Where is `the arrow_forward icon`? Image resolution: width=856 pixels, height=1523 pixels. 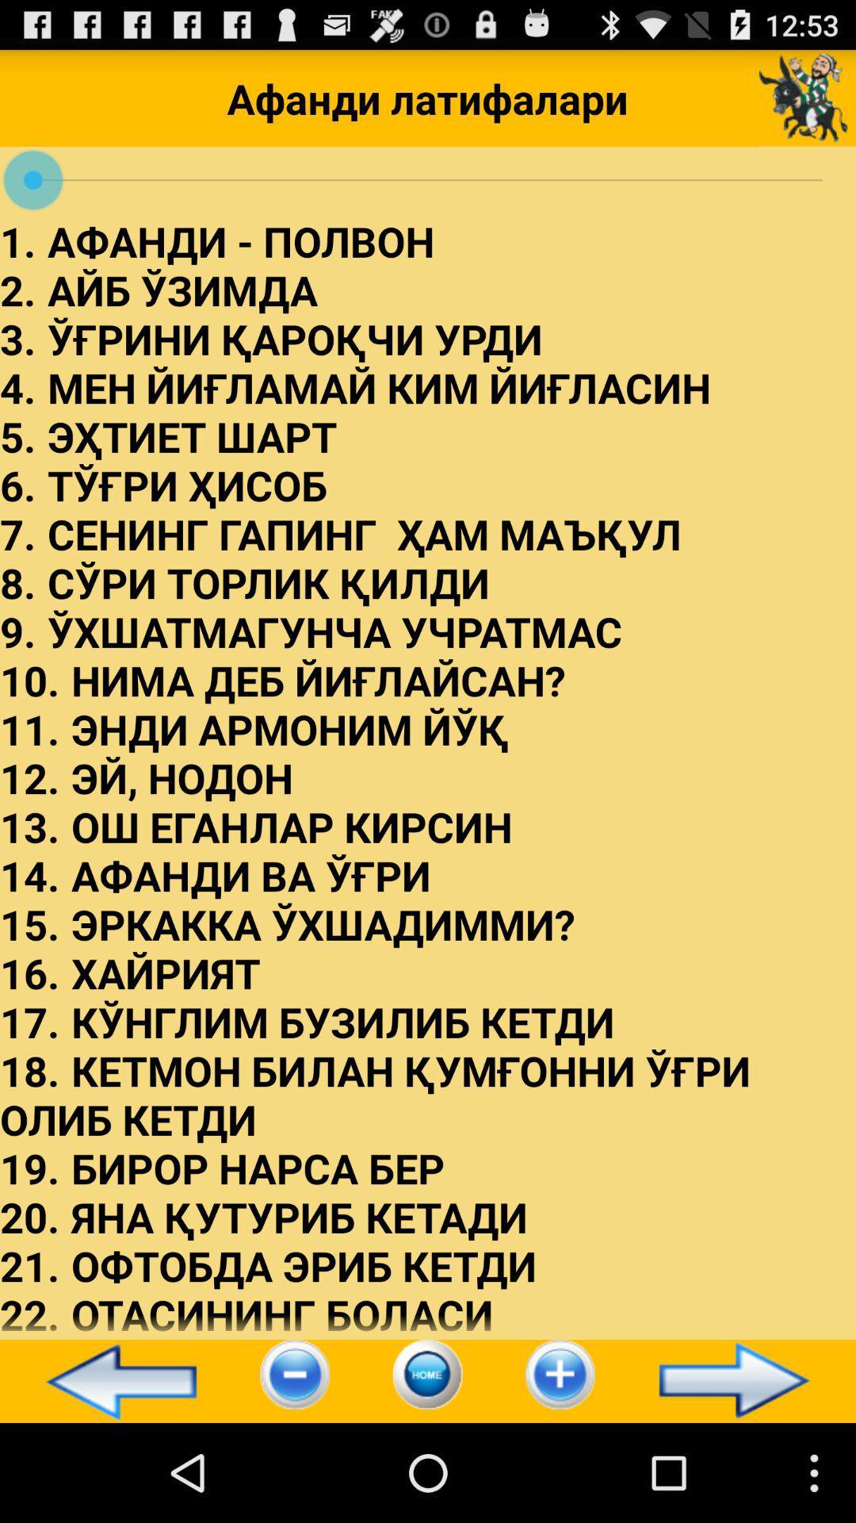 the arrow_forward icon is located at coordinates (741, 1477).